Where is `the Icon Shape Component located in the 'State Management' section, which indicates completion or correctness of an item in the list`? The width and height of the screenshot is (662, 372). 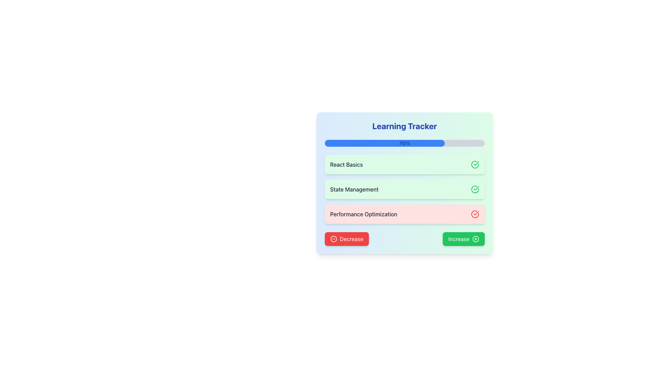 the Icon Shape Component located in the 'State Management' section, which indicates completion or correctness of an item in the list is located at coordinates (474, 189).